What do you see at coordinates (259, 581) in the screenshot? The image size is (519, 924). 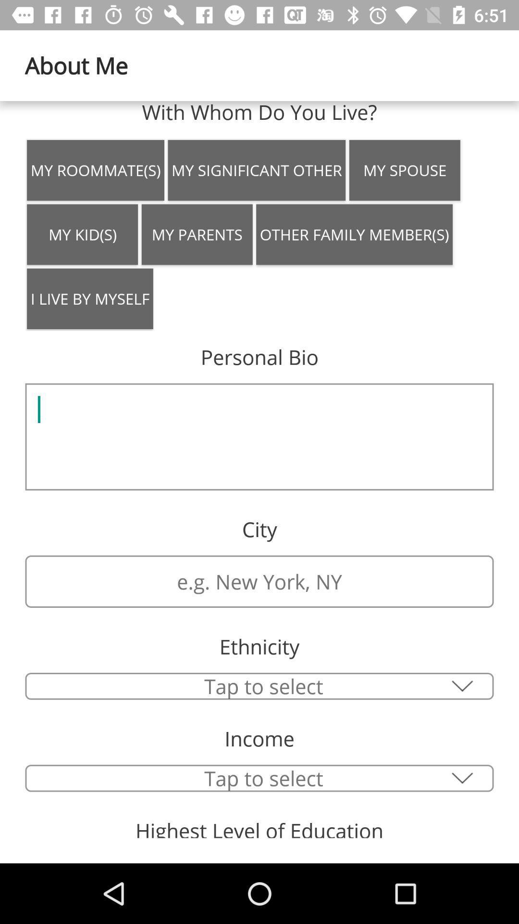 I see `type your city` at bounding box center [259, 581].